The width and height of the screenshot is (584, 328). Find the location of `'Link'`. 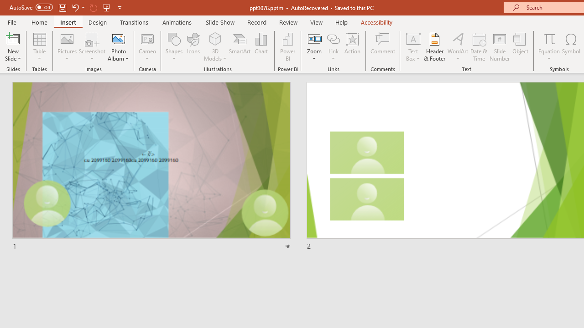

'Link' is located at coordinates (333, 38).